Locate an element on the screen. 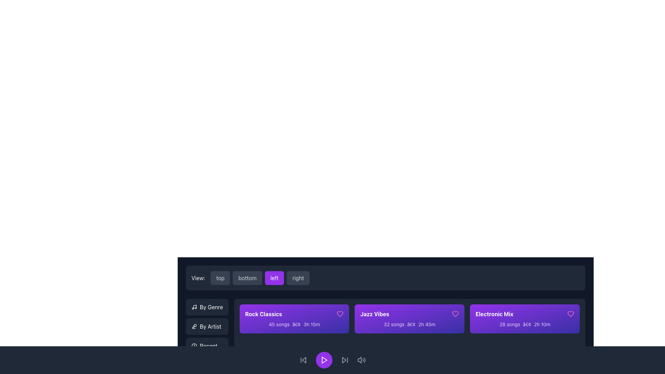  the triangular play button icon, which is white and enclosed in a circular purple button, located centrally in the bottom navigation bar is located at coordinates (324, 360).